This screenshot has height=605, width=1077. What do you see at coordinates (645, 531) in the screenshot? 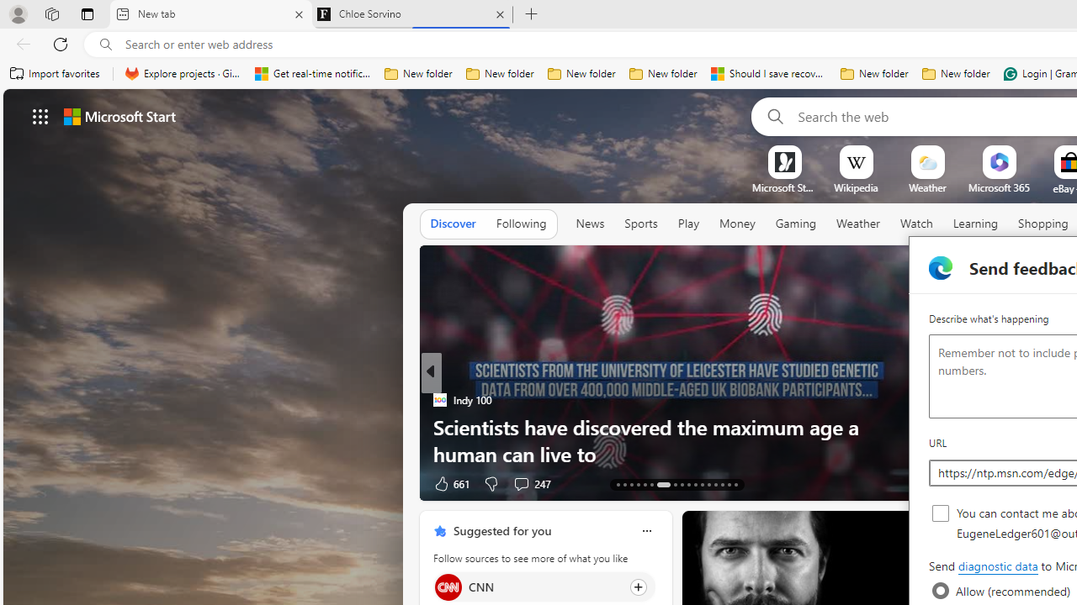
I see `'Class: icon-img'` at bounding box center [645, 531].